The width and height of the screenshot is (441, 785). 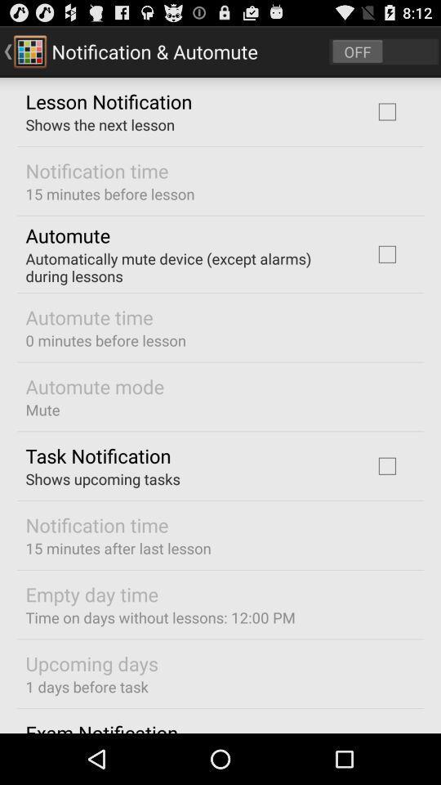 I want to click on the item to the right of notification & automute app, so click(x=384, y=51).